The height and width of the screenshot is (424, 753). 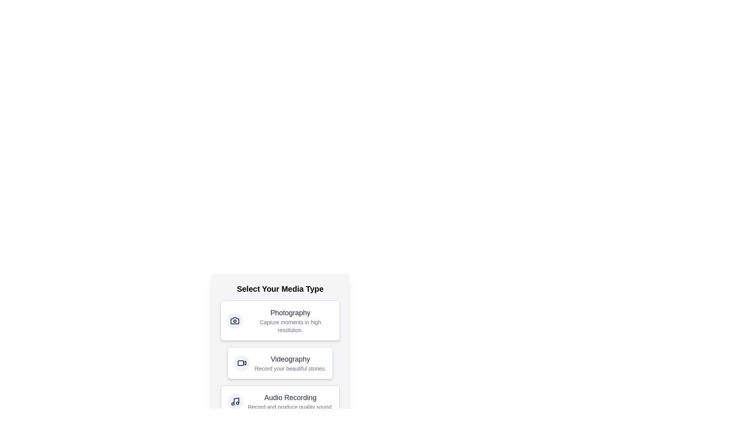 I want to click on the button corresponding to the media type Audio Recording, so click(x=280, y=401).